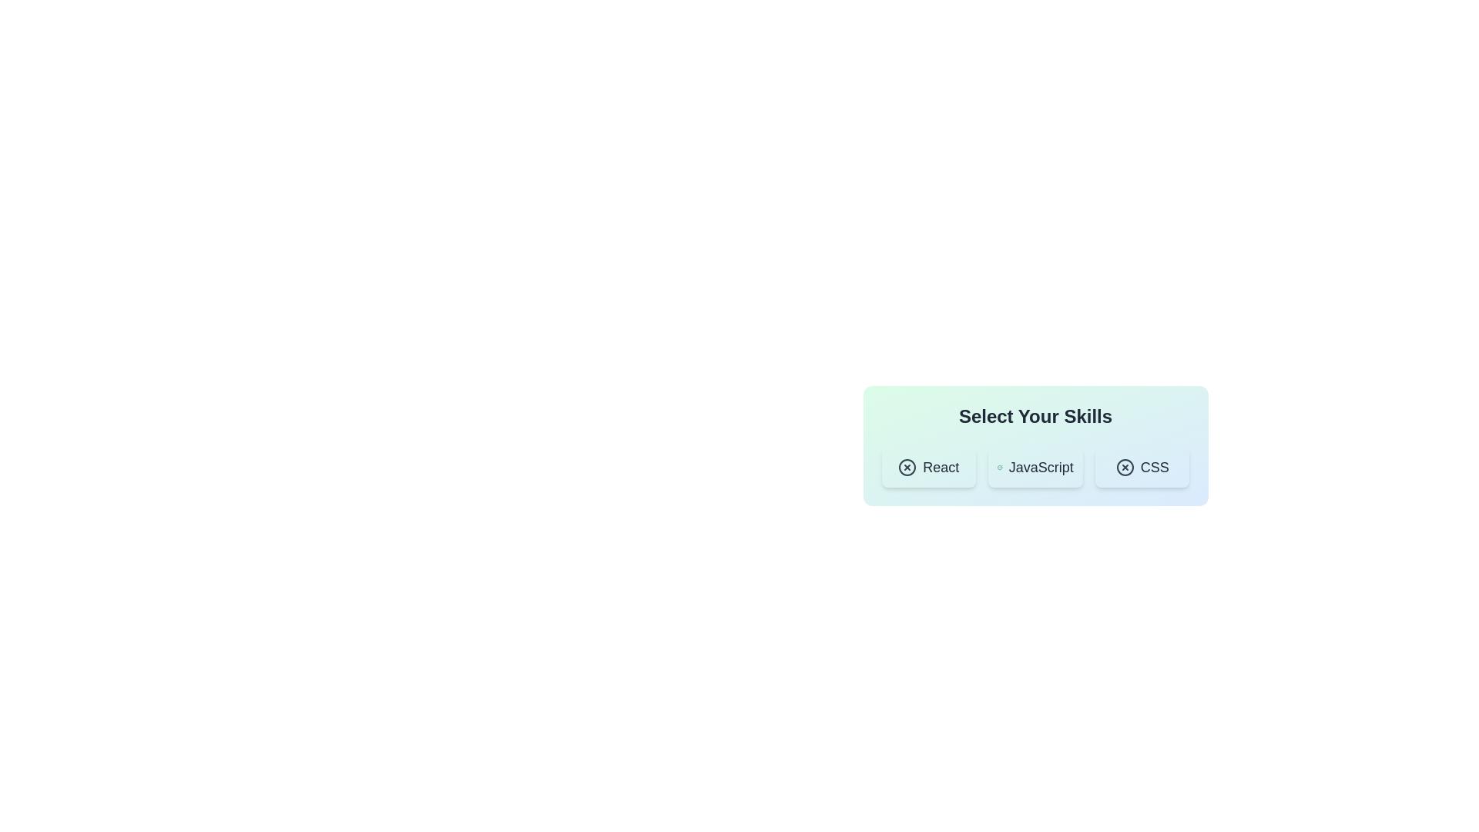 This screenshot has width=1479, height=832. Describe the element at coordinates (927, 466) in the screenshot. I see `the chip labeled React to view its hover effect` at that location.